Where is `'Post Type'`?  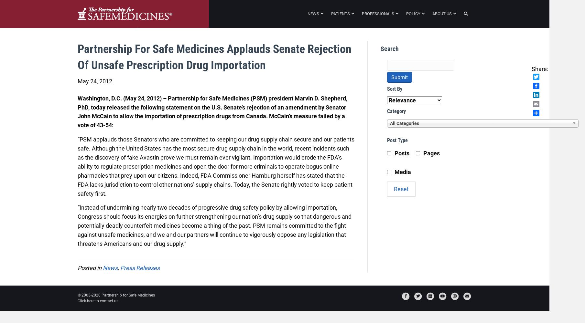
'Post Type' is located at coordinates (397, 140).